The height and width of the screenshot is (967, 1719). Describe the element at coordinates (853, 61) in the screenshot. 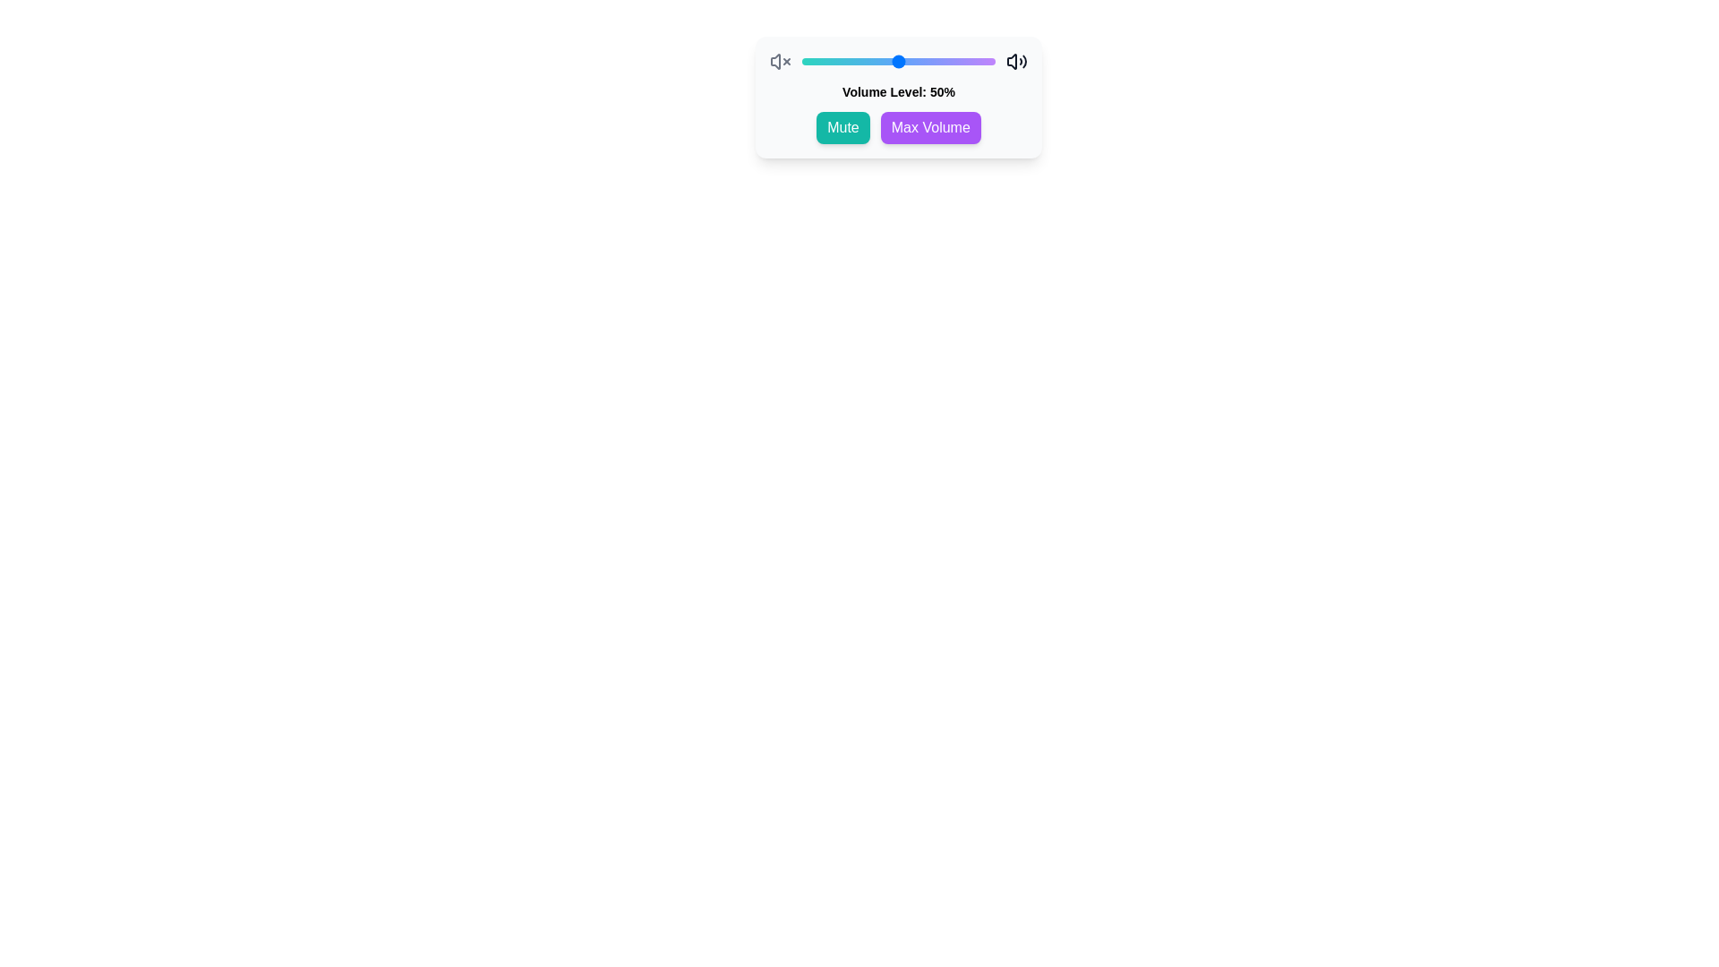

I see `the volume slider to set the volume level to 27%` at that location.